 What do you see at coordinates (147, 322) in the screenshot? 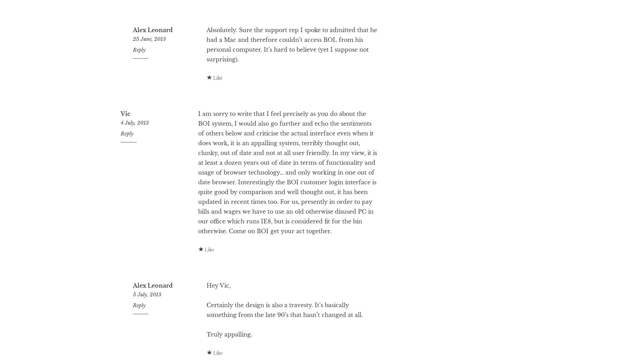
I see `'5 July, 2013'` at bounding box center [147, 322].